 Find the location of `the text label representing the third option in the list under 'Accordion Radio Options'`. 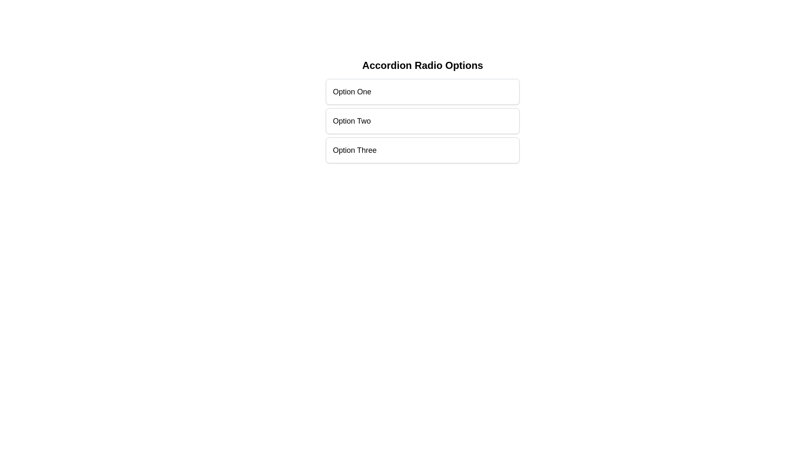

the text label representing the third option in the list under 'Accordion Radio Options' is located at coordinates (355, 149).